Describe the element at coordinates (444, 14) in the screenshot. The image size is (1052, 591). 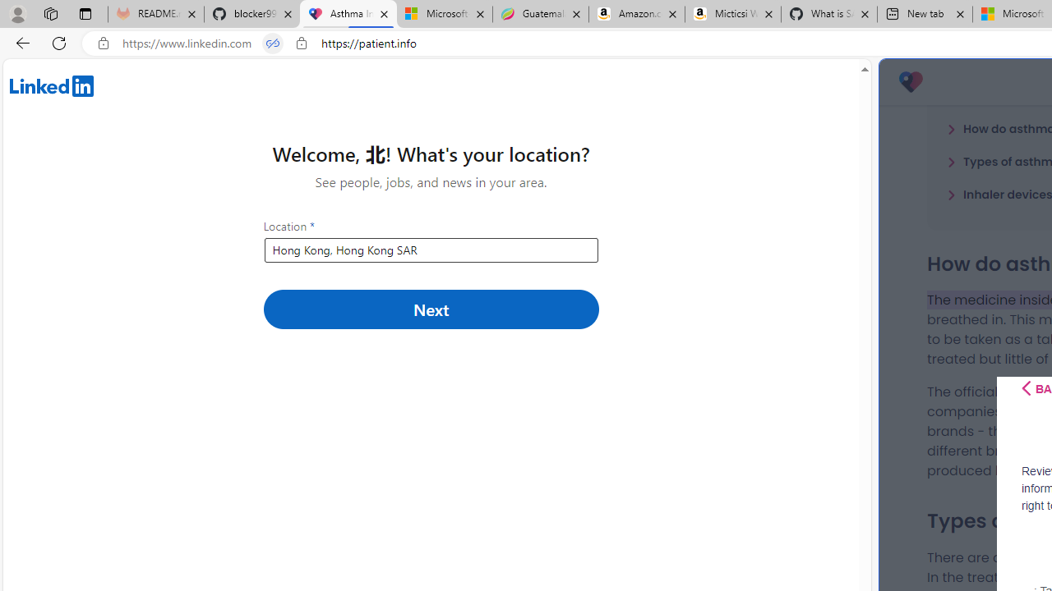
I see `'Microsoft-Report a Concern to Bing'` at that location.